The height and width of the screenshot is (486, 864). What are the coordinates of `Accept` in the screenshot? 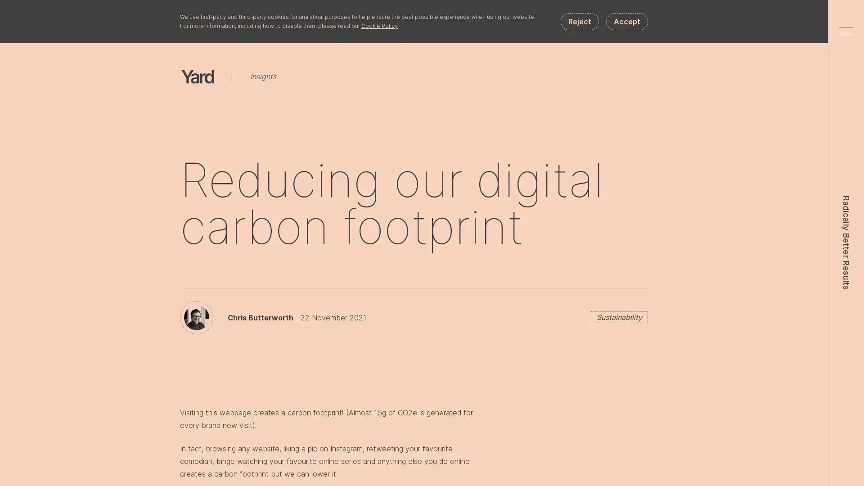 It's located at (626, 21).